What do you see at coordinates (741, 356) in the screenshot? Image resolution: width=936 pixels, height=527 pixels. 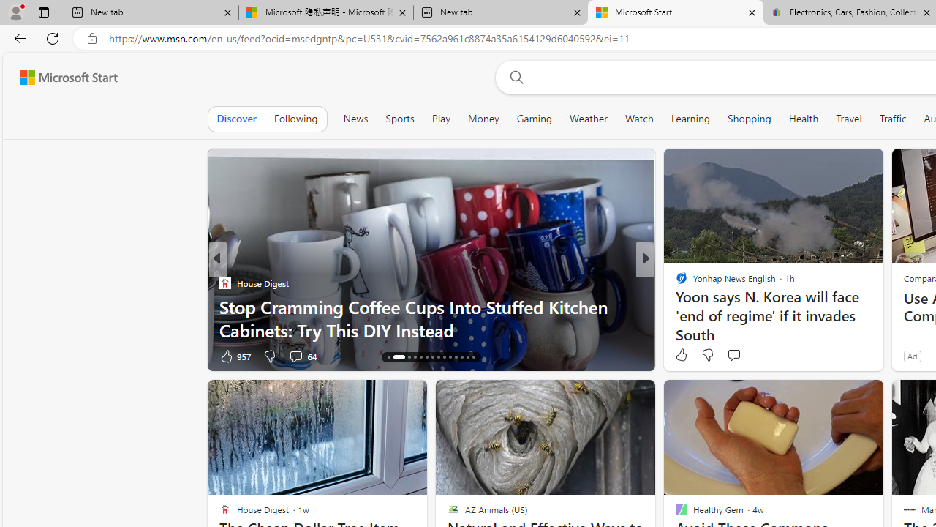 I see `'View comments 37 Comment'` at bounding box center [741, 356].